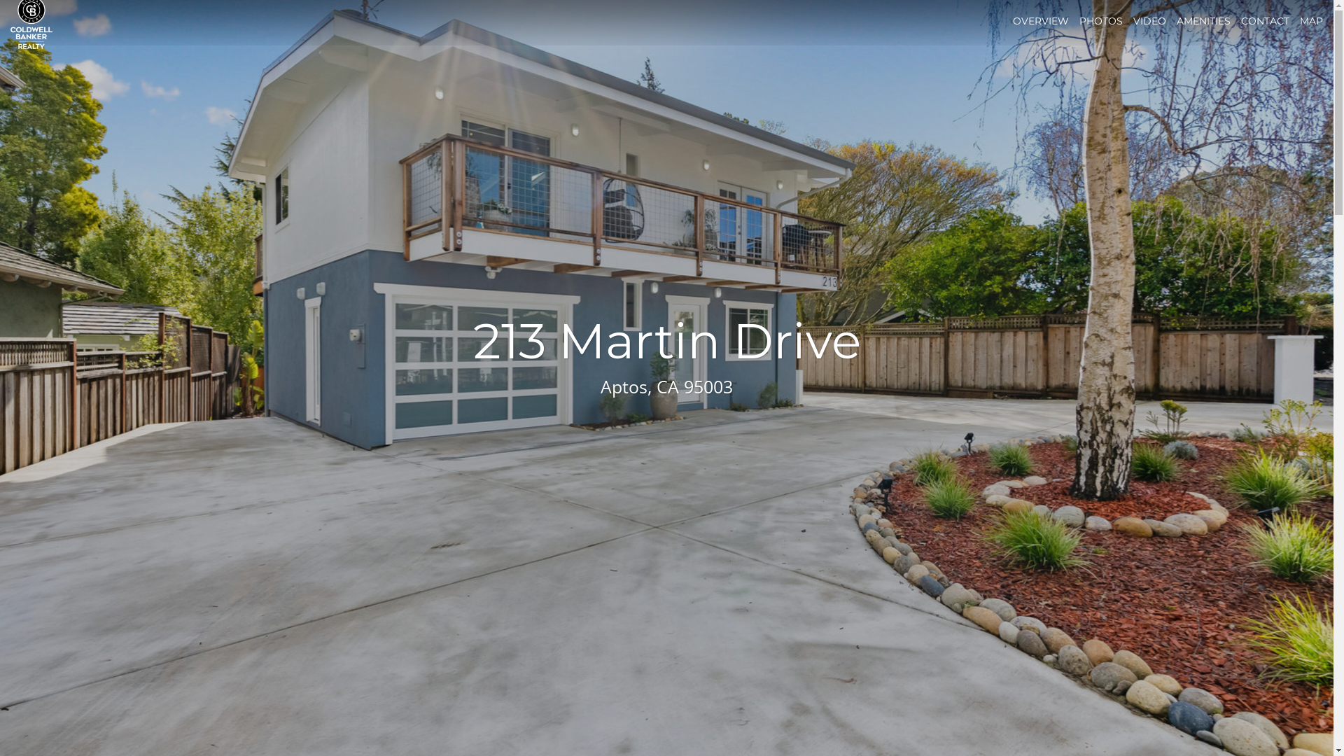  Describe the element at coordinates (1203, 21) in the screenshot. I see `'AMENITIES'` at that location.